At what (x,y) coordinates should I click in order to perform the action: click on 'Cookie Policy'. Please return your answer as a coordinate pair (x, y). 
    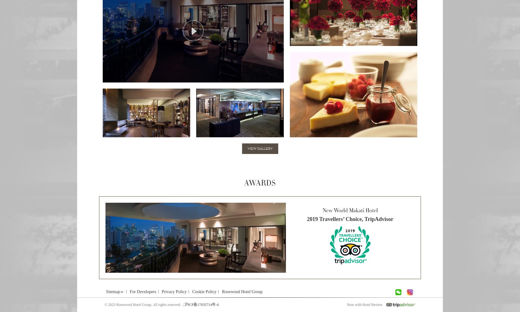
    Looking at the image, I should click on (204, 292).